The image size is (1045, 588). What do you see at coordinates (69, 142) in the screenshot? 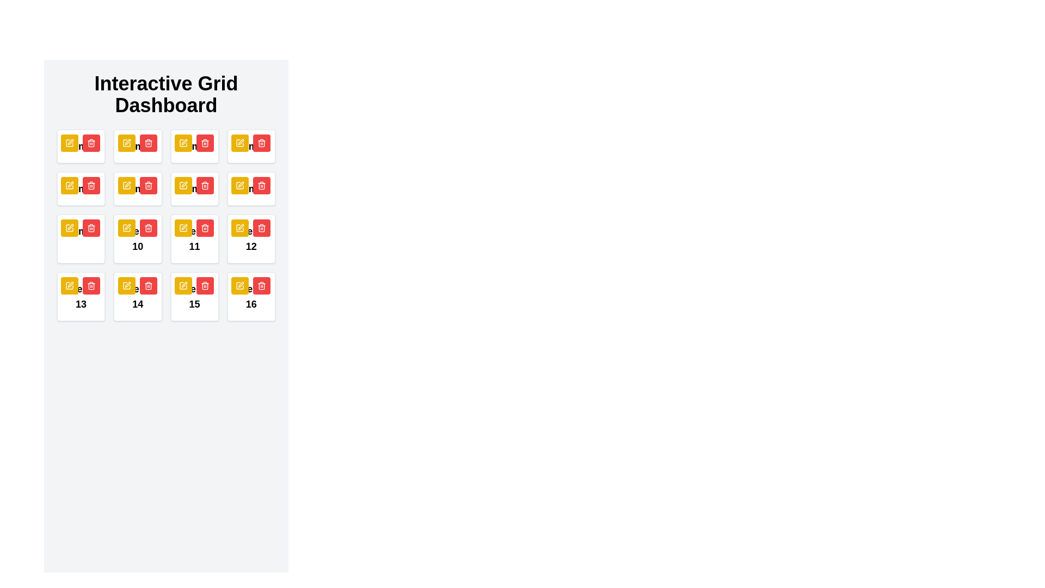
I see `the pen icon button enclosed within a yellow square located at the top-left of the first card in the dashboard interface` at bounding box center [69, 142].